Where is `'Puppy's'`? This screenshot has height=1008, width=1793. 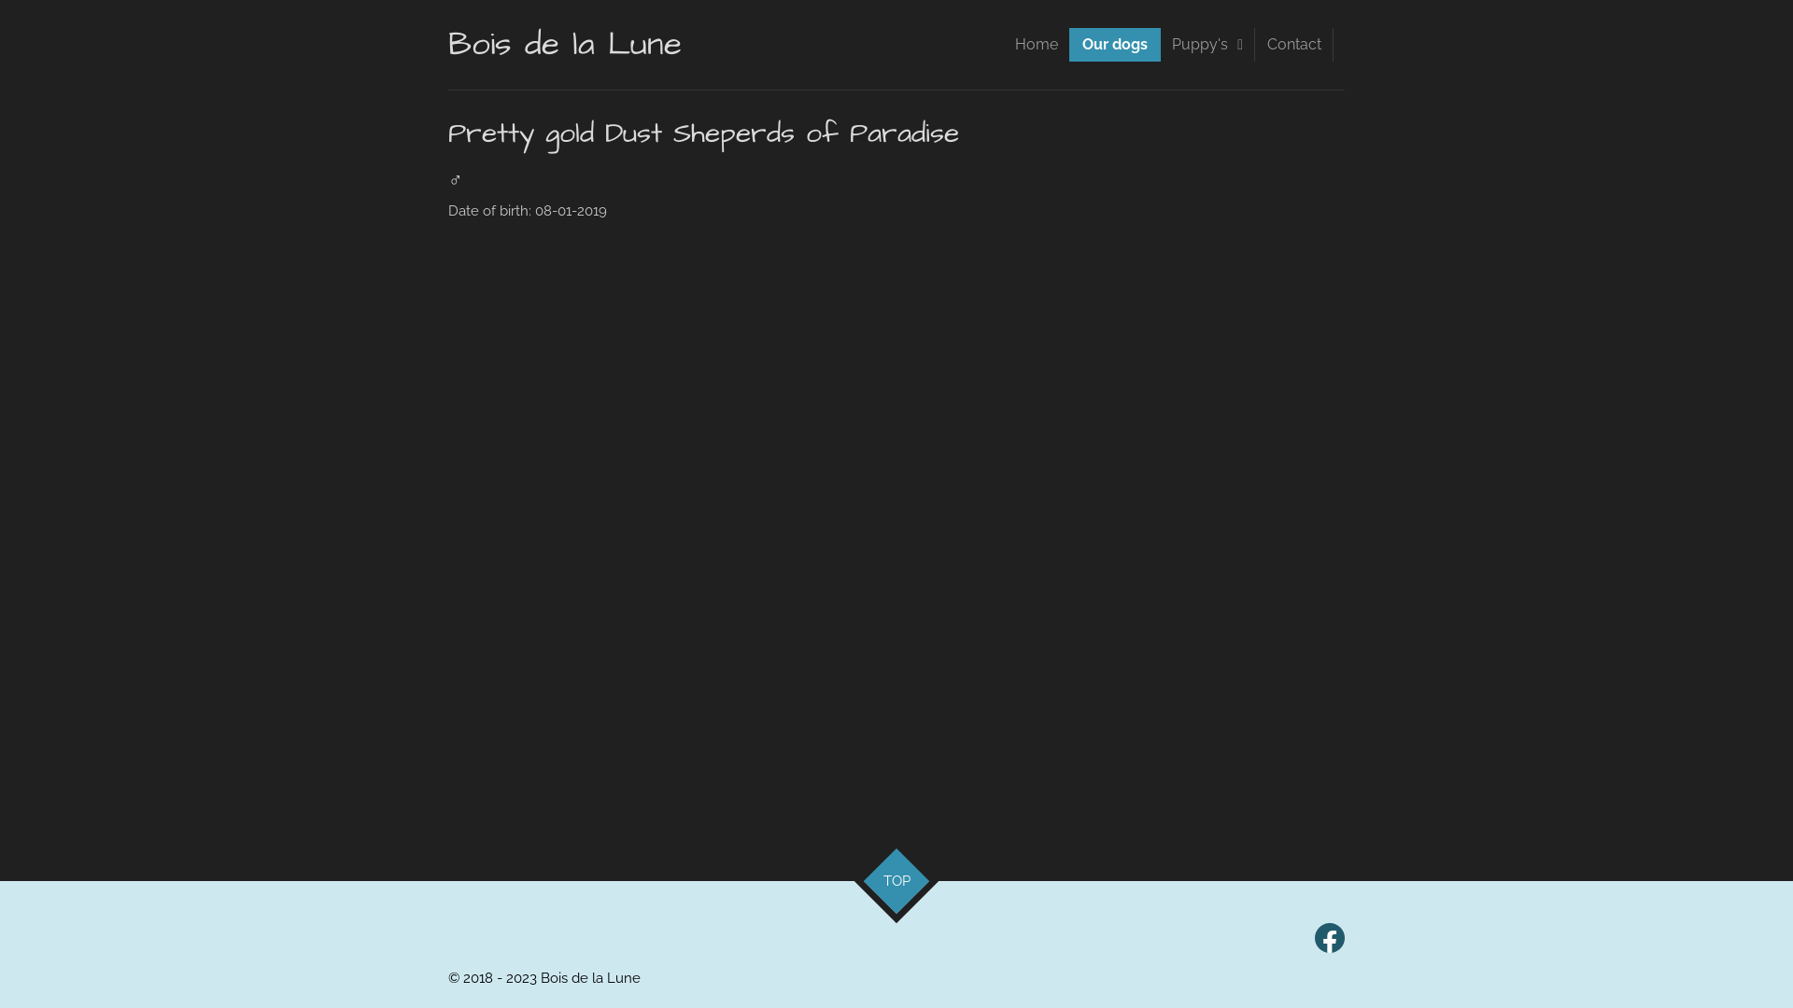
'Puppy's' is located at coordinates (1207, 43).